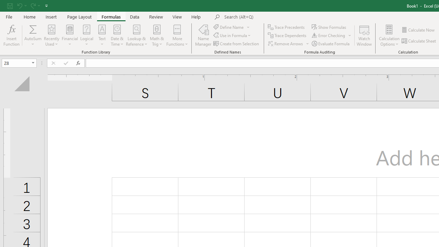 This screenshot has width=439, height=247. What do you see at coordinates (102, 35) in the screenshot?
I see `'Text'` at bounding box center [102, 35].